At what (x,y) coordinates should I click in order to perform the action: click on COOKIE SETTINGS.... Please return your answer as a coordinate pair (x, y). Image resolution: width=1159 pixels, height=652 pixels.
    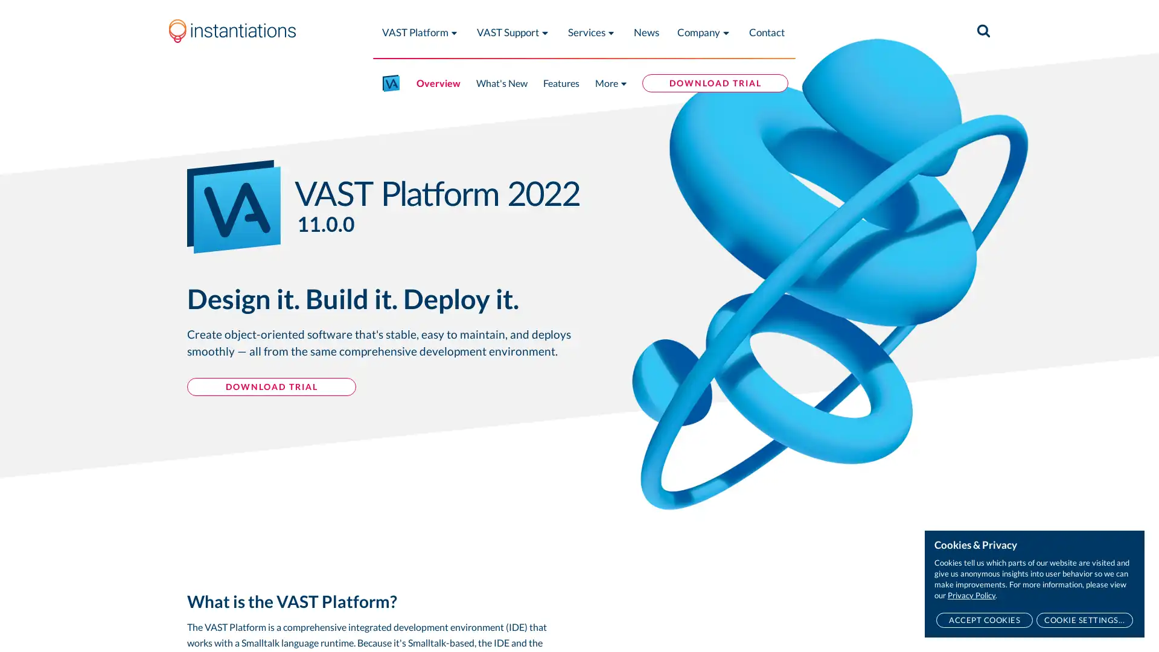
    Looking at the image, I should click on (1084, 620).